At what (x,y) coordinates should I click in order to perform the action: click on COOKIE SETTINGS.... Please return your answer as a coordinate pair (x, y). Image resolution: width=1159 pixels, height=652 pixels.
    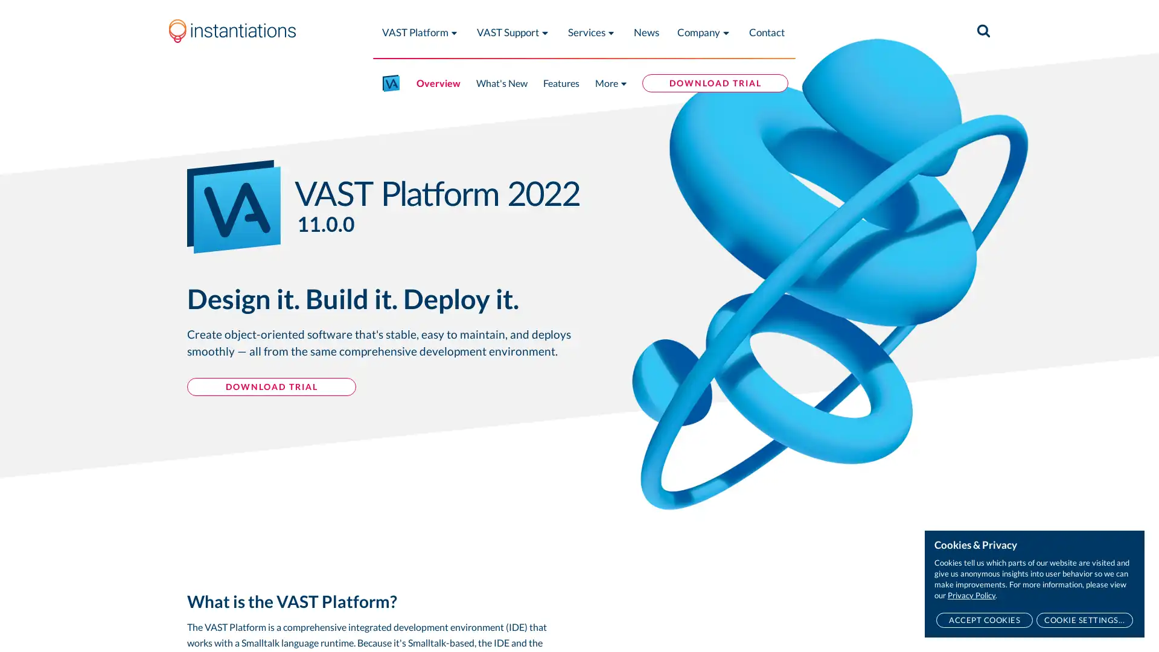
    Looking at the image, I should click on (1084, 620).